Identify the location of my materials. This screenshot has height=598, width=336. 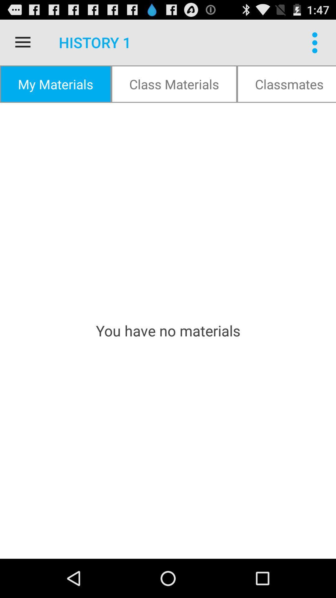
(55, 83).